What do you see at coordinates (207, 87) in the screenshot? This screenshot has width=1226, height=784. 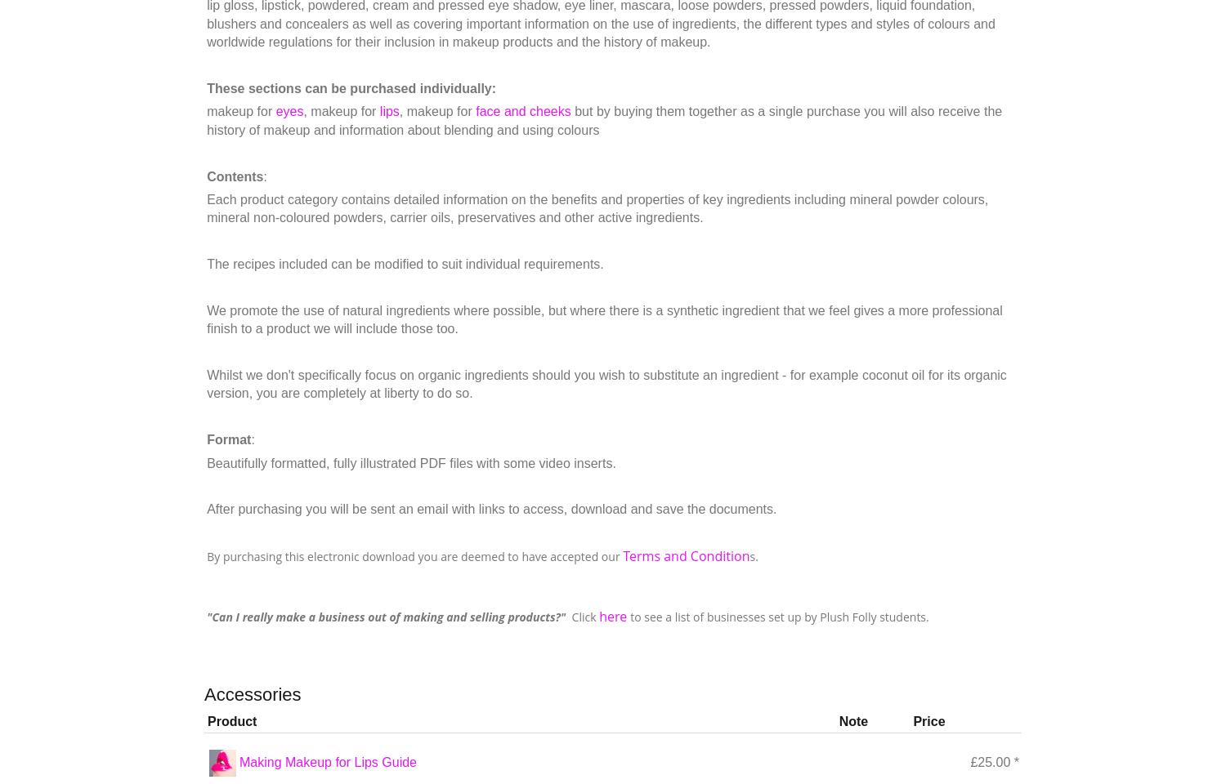 I see `'These sections can be purchased individually:'` at bounding box center [207, 87].